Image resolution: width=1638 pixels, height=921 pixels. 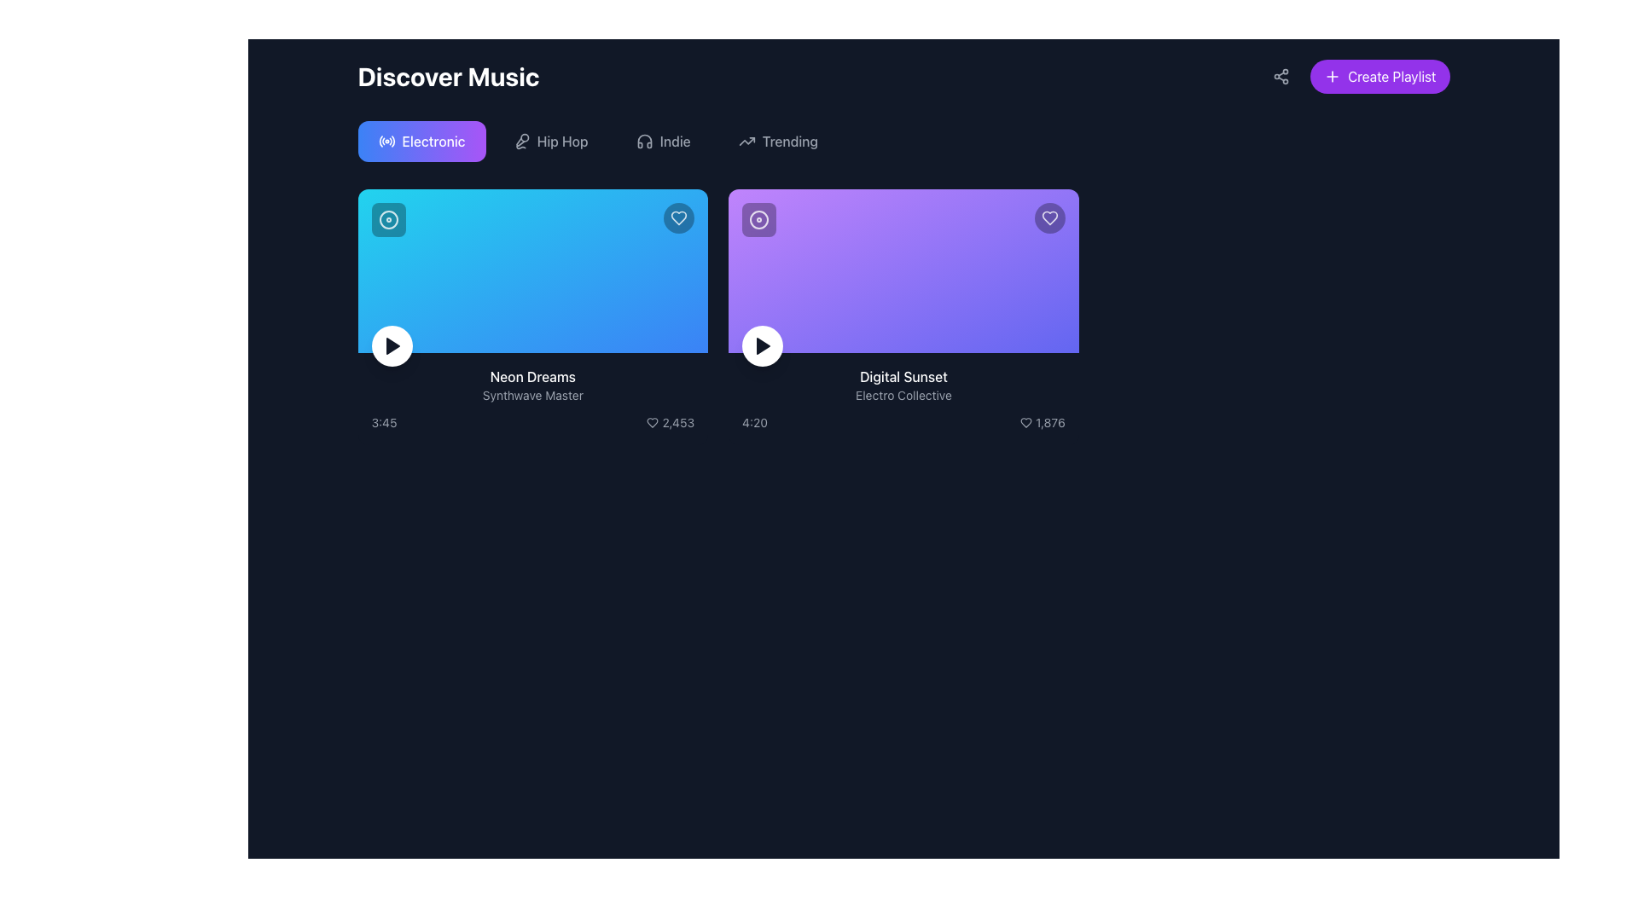 What do you see at coordinates (903, 398) in the screenshot?
I see `the informational text block that provides details about the music track, including title, artist, duration, and likes, located in the second column of the grid layout beneath the heading section` at bounding box center [903, 398].